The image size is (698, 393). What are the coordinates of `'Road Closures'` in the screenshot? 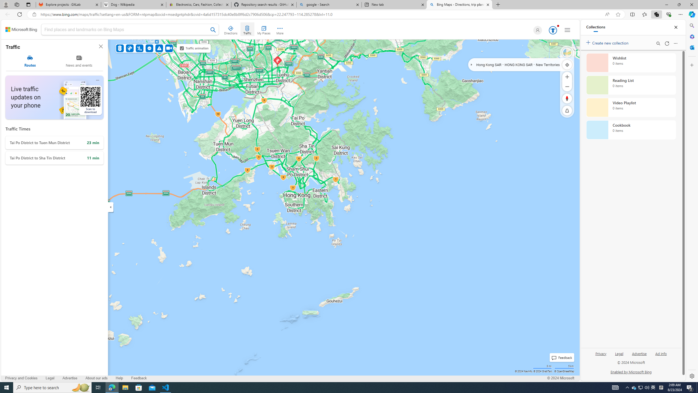 It's located at (150, 48).